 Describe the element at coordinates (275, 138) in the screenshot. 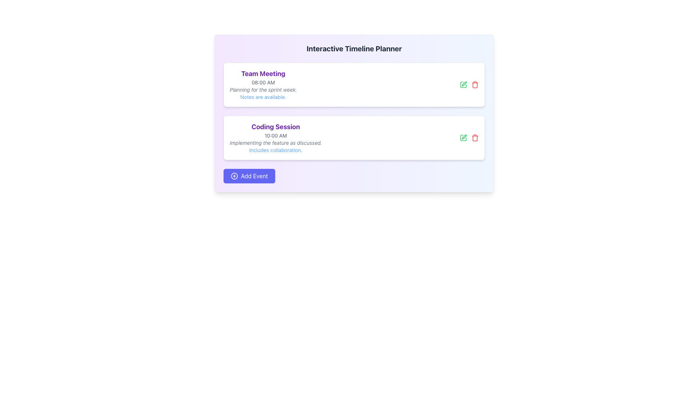

I see `text content of the event block titled 'Coding Session' located on the right panel of the timeline planner interface, which includes the time '10:00 AM', a description, and a link` at that location.